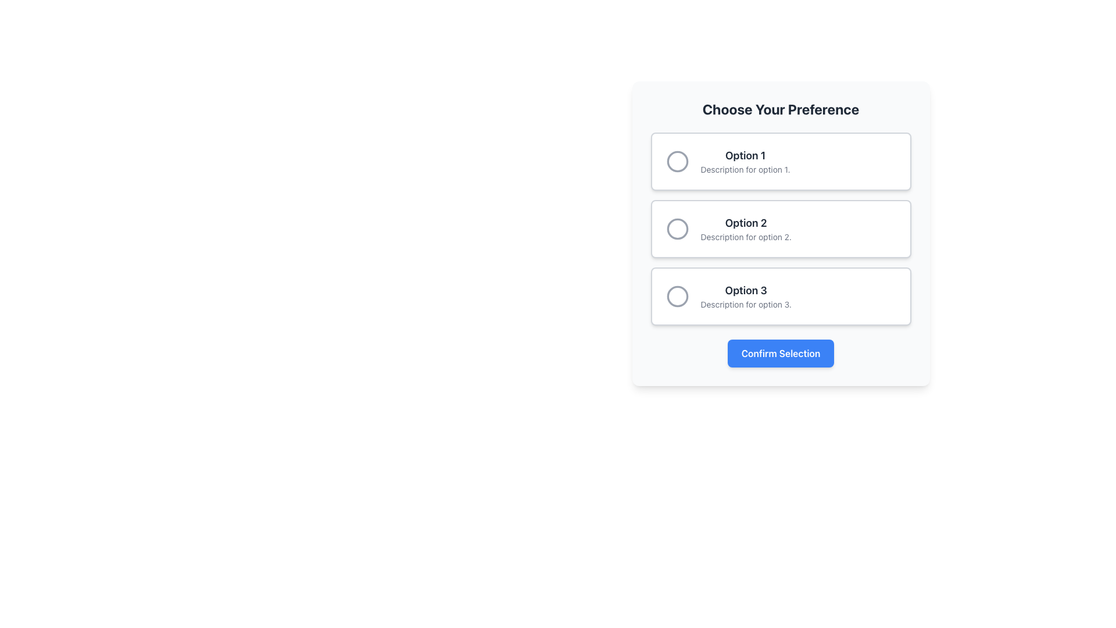  What do you see at coordinates (745, 161) in the screenshot?
I see `text content of the topmost selection card, which includes 'Option 1' in bold and 'Description for option 1.' beneath it` at bounding box center [745, 161].